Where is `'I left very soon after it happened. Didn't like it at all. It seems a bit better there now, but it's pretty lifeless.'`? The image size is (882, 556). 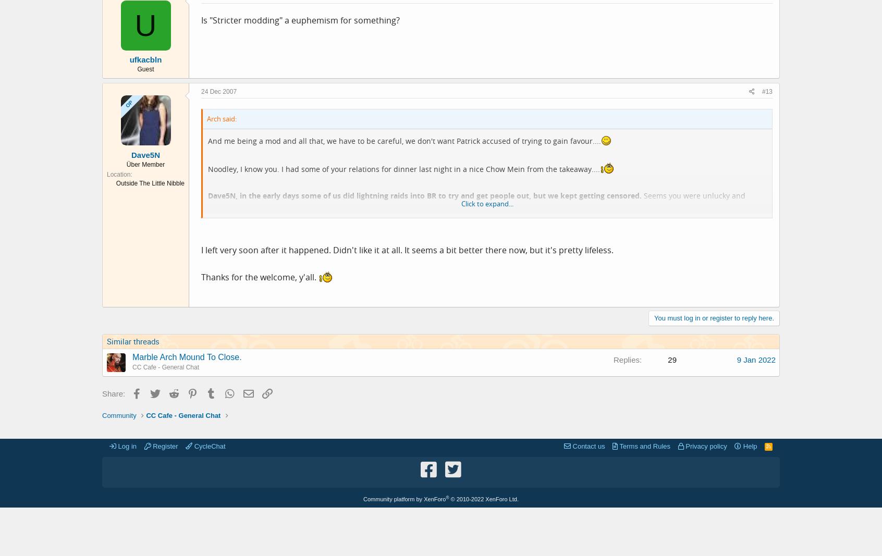 'I left very soon after it happened. Didn't like it at all. It seems a bit better there now, but it's pretty lifeless.' is located at coordinates (407, 250).